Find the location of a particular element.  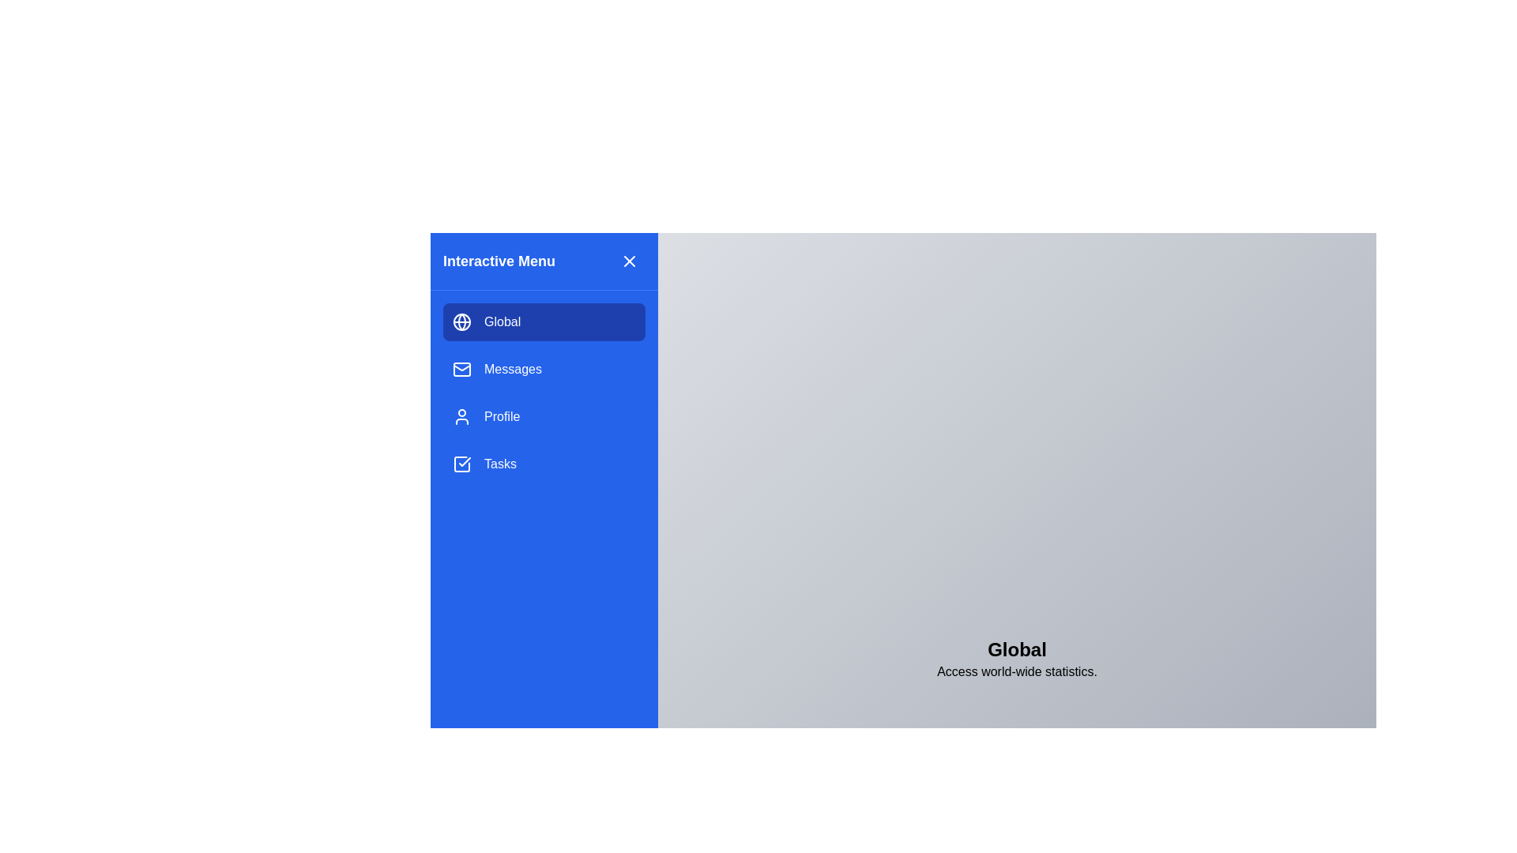

the 'Profile' text label in the vertical navigation menu, which is the third item below 'Global' and 'Messages' is located at coordinates (501, 416).